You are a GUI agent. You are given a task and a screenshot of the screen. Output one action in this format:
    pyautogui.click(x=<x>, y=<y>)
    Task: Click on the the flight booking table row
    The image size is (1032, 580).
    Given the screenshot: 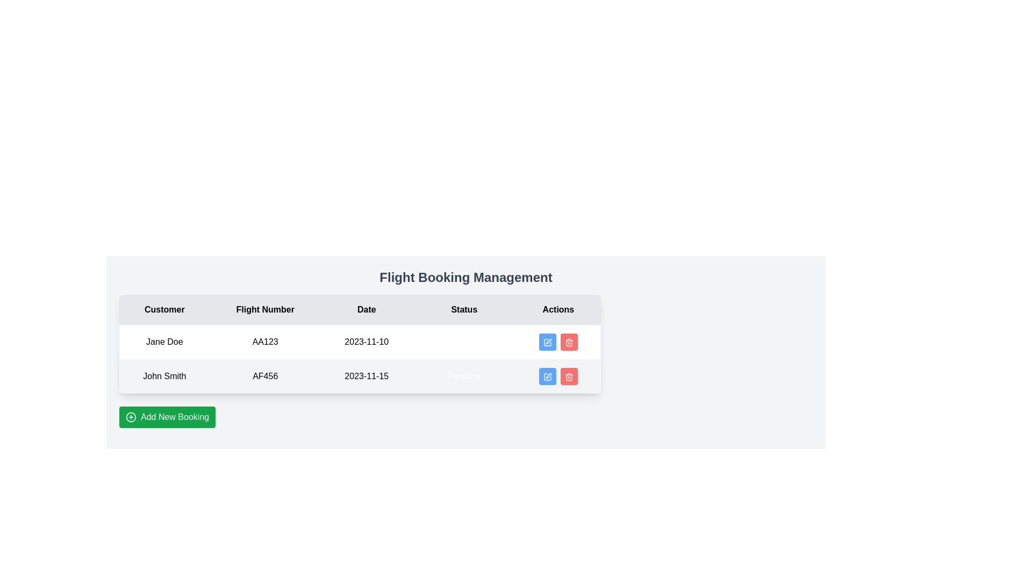 What is the action you would take?
    pyautogui.click(x=360, y=359)
    